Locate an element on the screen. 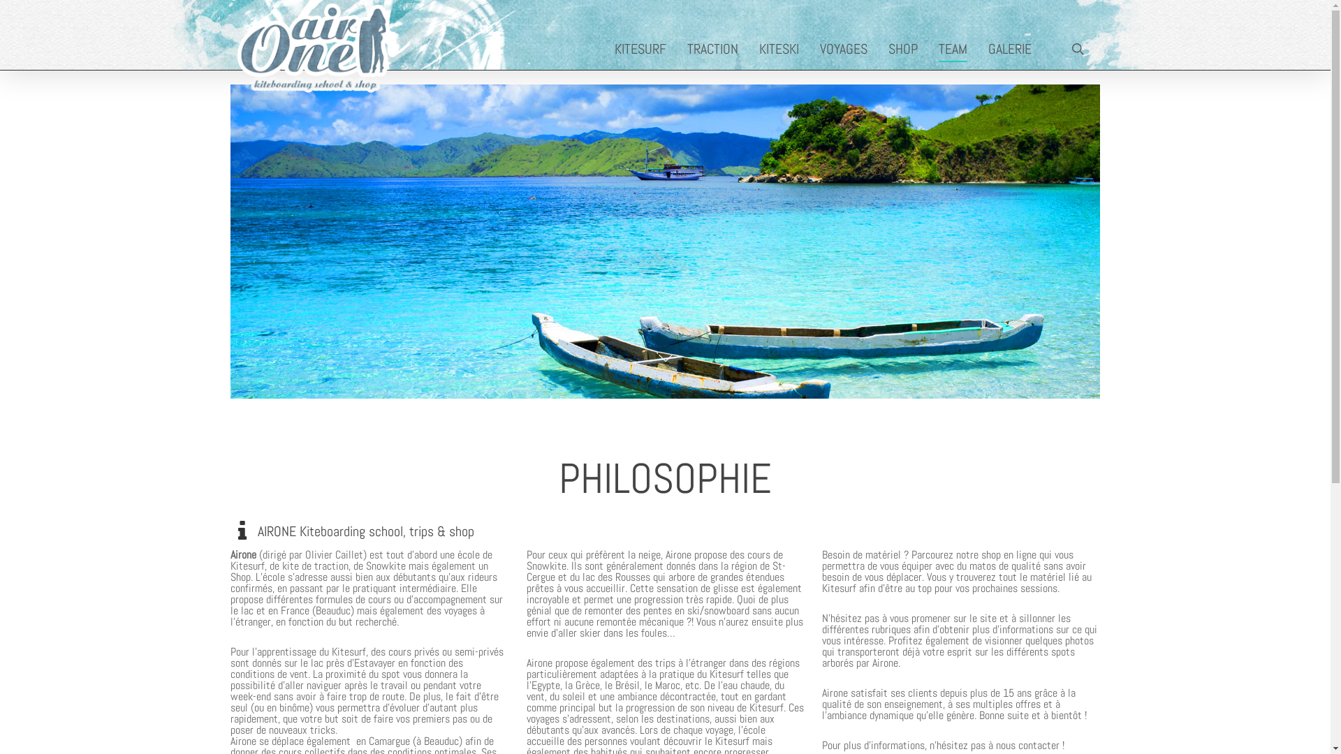 The width and height of the screenshot is (1341, 754). 'KITESURF' is located at coordinates (643, 47).